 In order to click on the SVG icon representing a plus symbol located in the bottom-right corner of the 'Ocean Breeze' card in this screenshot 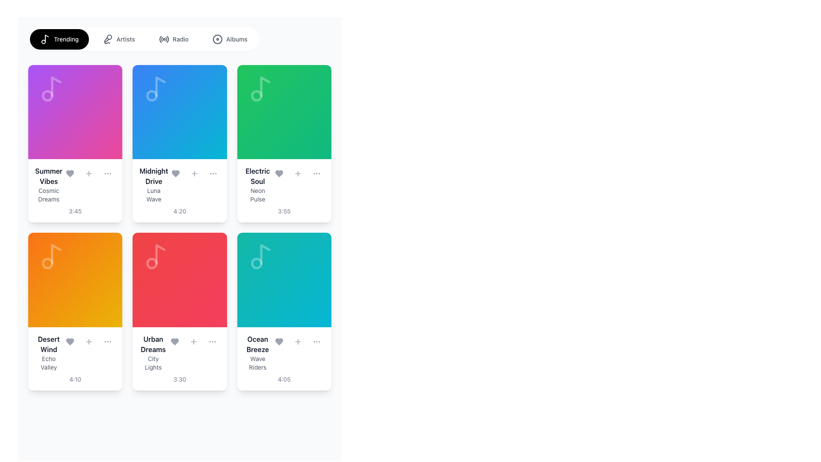, I will do `click(298, 341)`.